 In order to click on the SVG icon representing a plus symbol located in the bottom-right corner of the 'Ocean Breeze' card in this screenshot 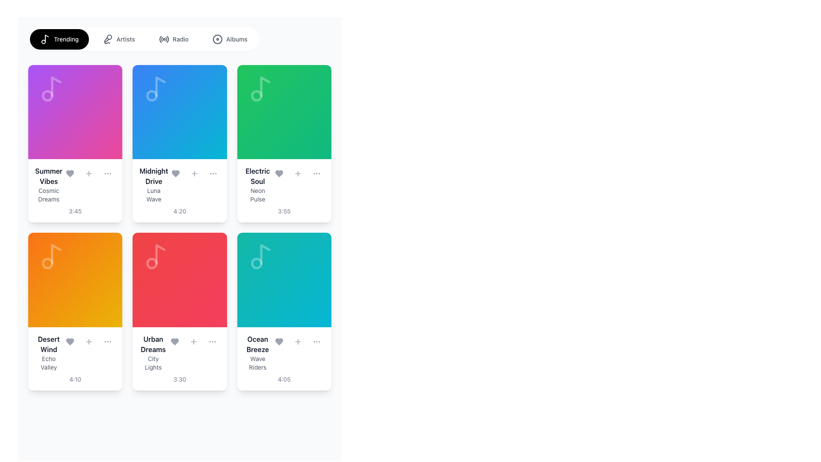, I will do `click(298, 341)`.